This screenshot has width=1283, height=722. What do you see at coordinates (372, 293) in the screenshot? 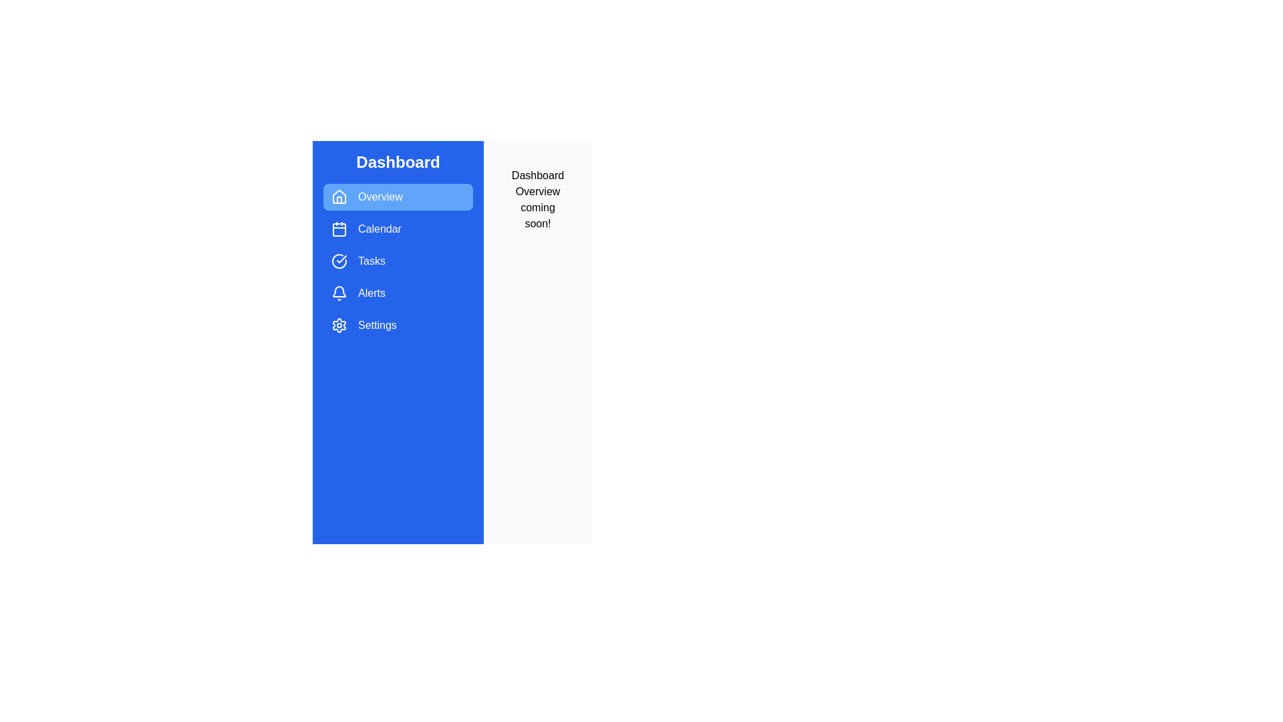
I see `the 'Alerts' text label in the navigation menu` at bounding box center [372, 293].